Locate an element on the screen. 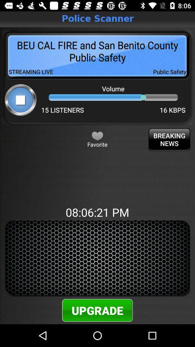 This screenshot has height=347, width=195. button next to the breaking is located at coordinates (97, 135).